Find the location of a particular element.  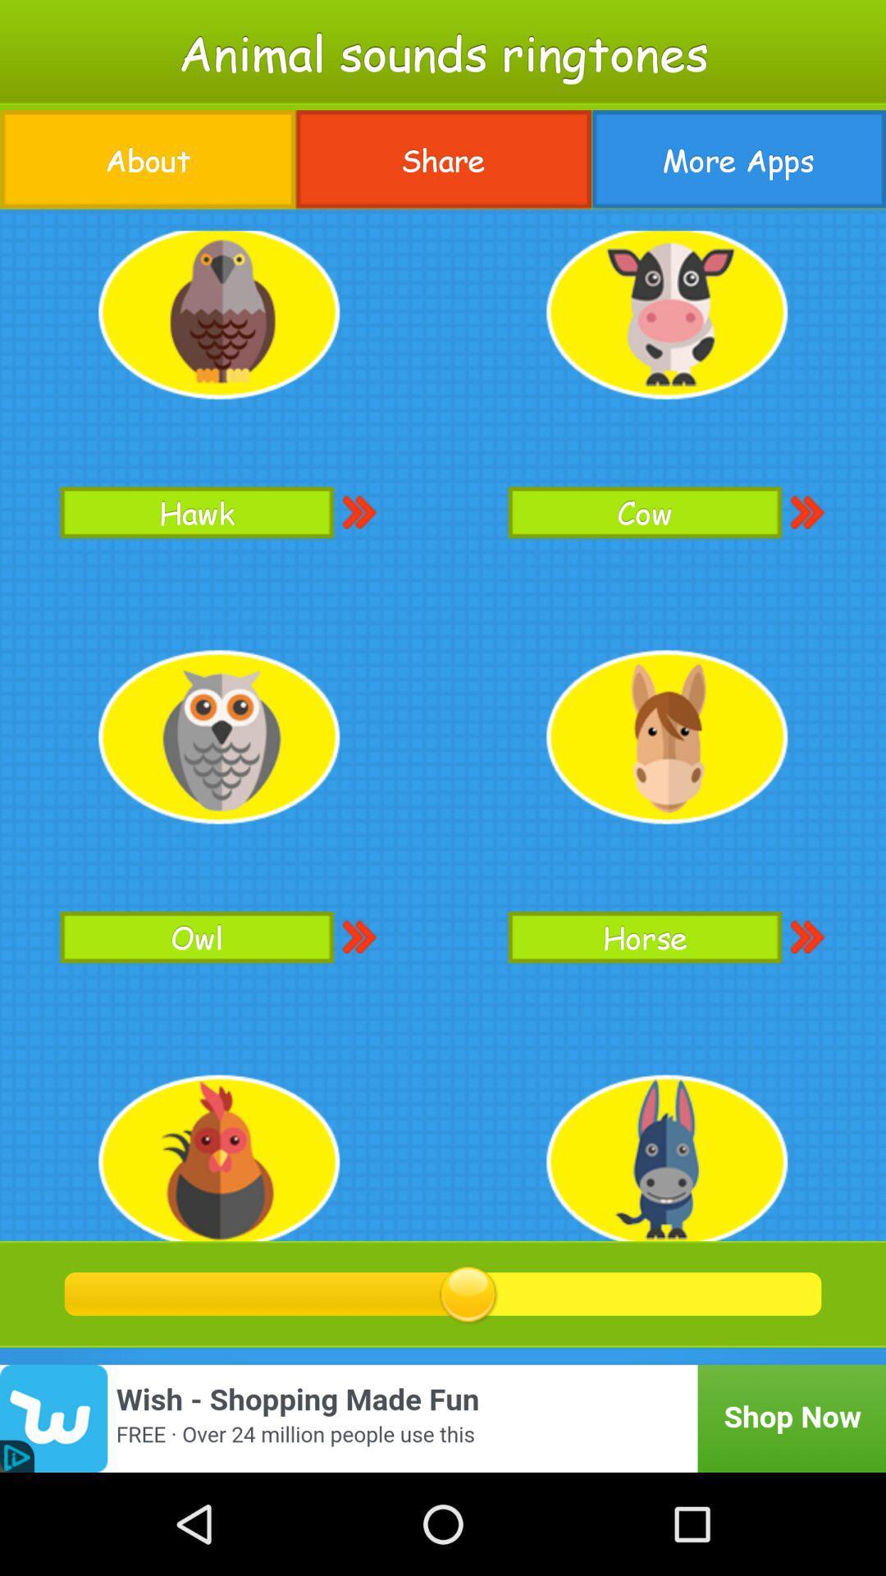

the item next to about icon is located at coordinates (443, 159).